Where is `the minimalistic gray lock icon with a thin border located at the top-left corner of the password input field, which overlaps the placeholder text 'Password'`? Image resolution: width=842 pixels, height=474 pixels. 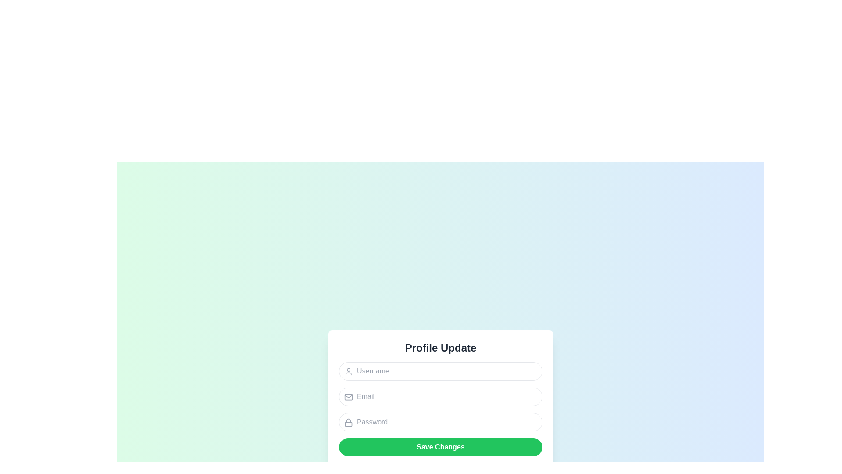
the minimalistic gray lock icon with a thin border located at the top-left corner of the password input field, which overlaps the placeholder text 'Password' is located at coordinates (348, 422).